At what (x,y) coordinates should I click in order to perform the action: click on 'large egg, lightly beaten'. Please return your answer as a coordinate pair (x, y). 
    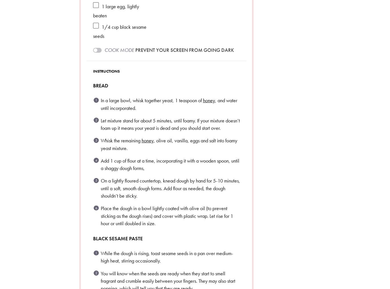
    Looking at the image, I should click on (115, 11).